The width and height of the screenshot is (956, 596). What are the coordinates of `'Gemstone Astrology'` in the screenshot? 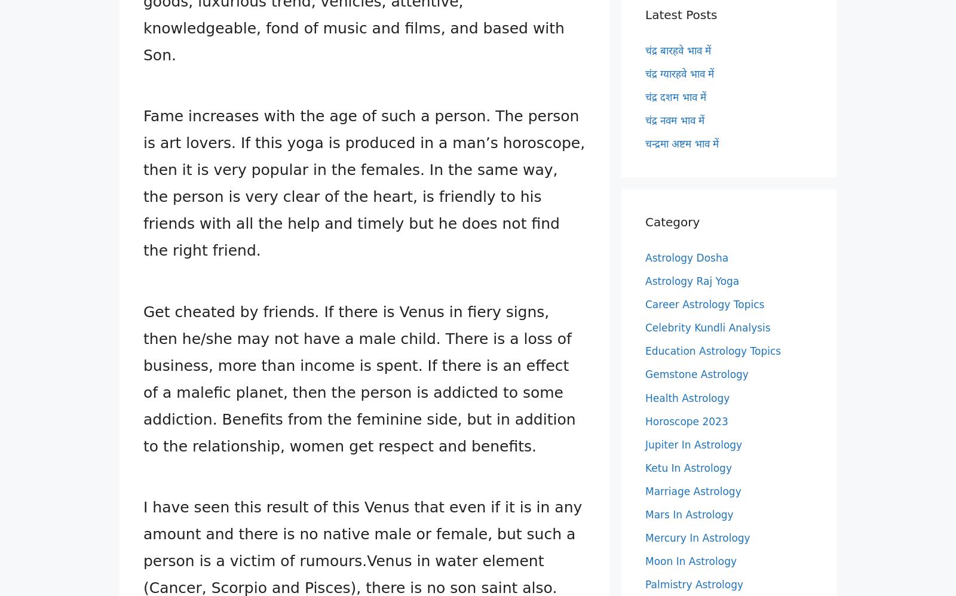 It's located at (697, 374).